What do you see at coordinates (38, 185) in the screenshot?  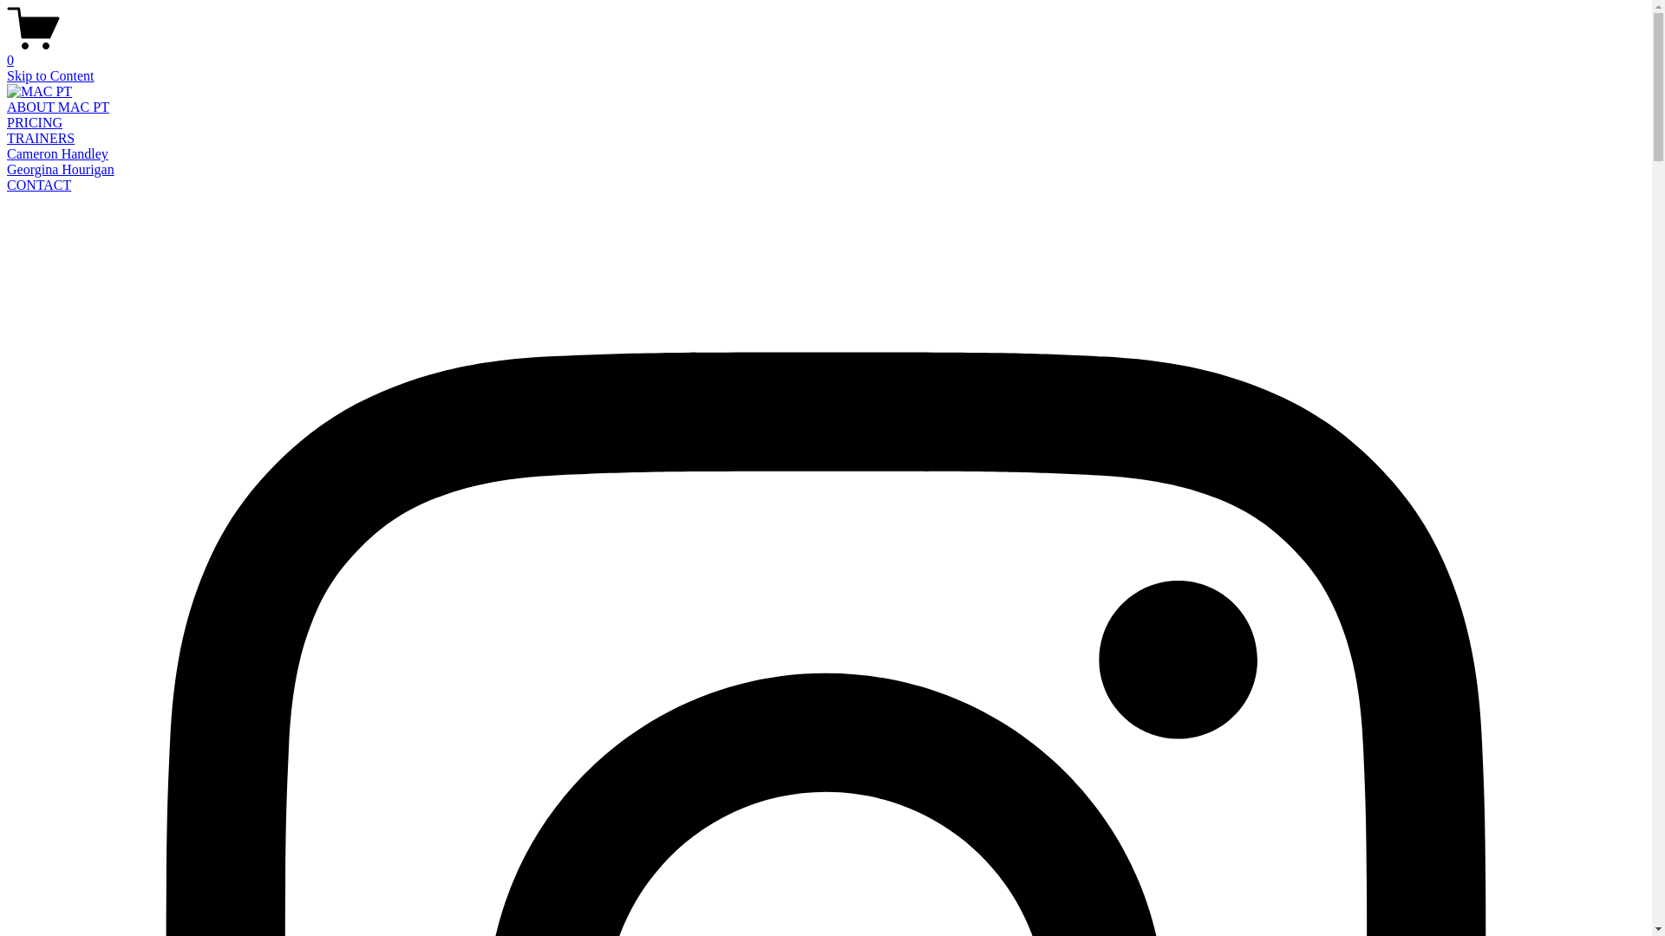 I see `'CONTACT'` at bounding box center [38, 185].